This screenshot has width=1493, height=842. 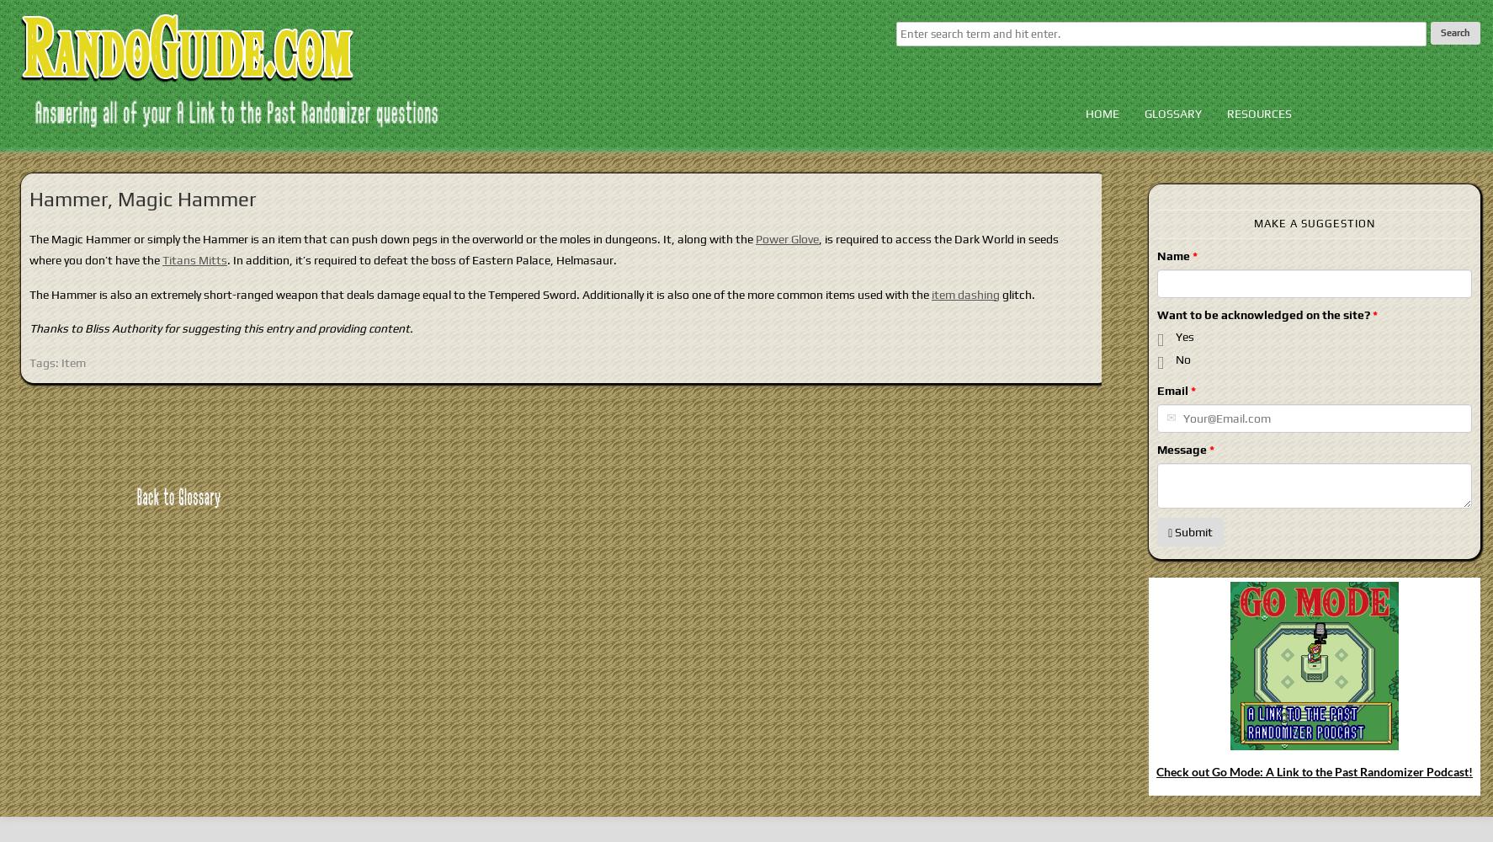 I want to click on ', is required to access the Dark World in seeds where you don’t have the', so click(x=544, y=249).